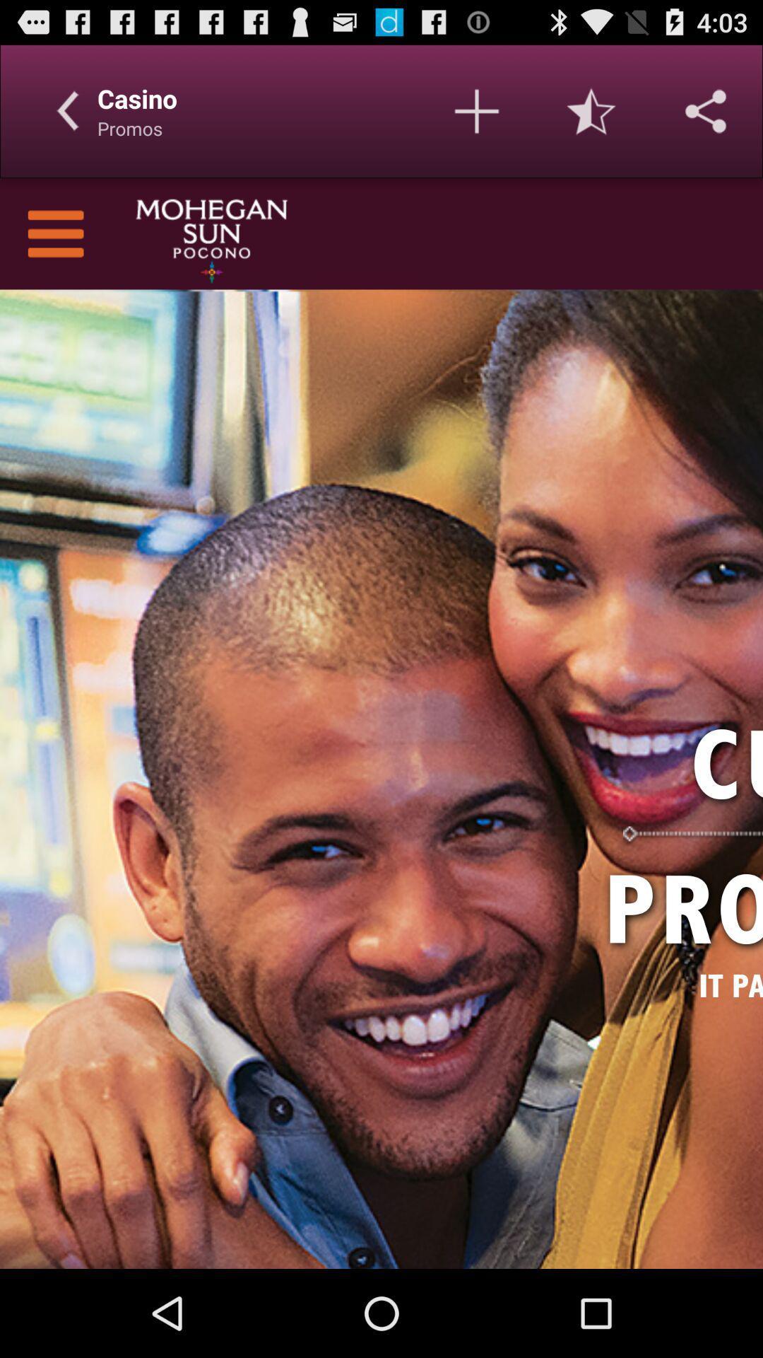 The height and width of the screenshot is (1358, 763). What do you see at coordinates (706, 110) in the screenshot?
I see `share with others` at bounding box center [706, 110].